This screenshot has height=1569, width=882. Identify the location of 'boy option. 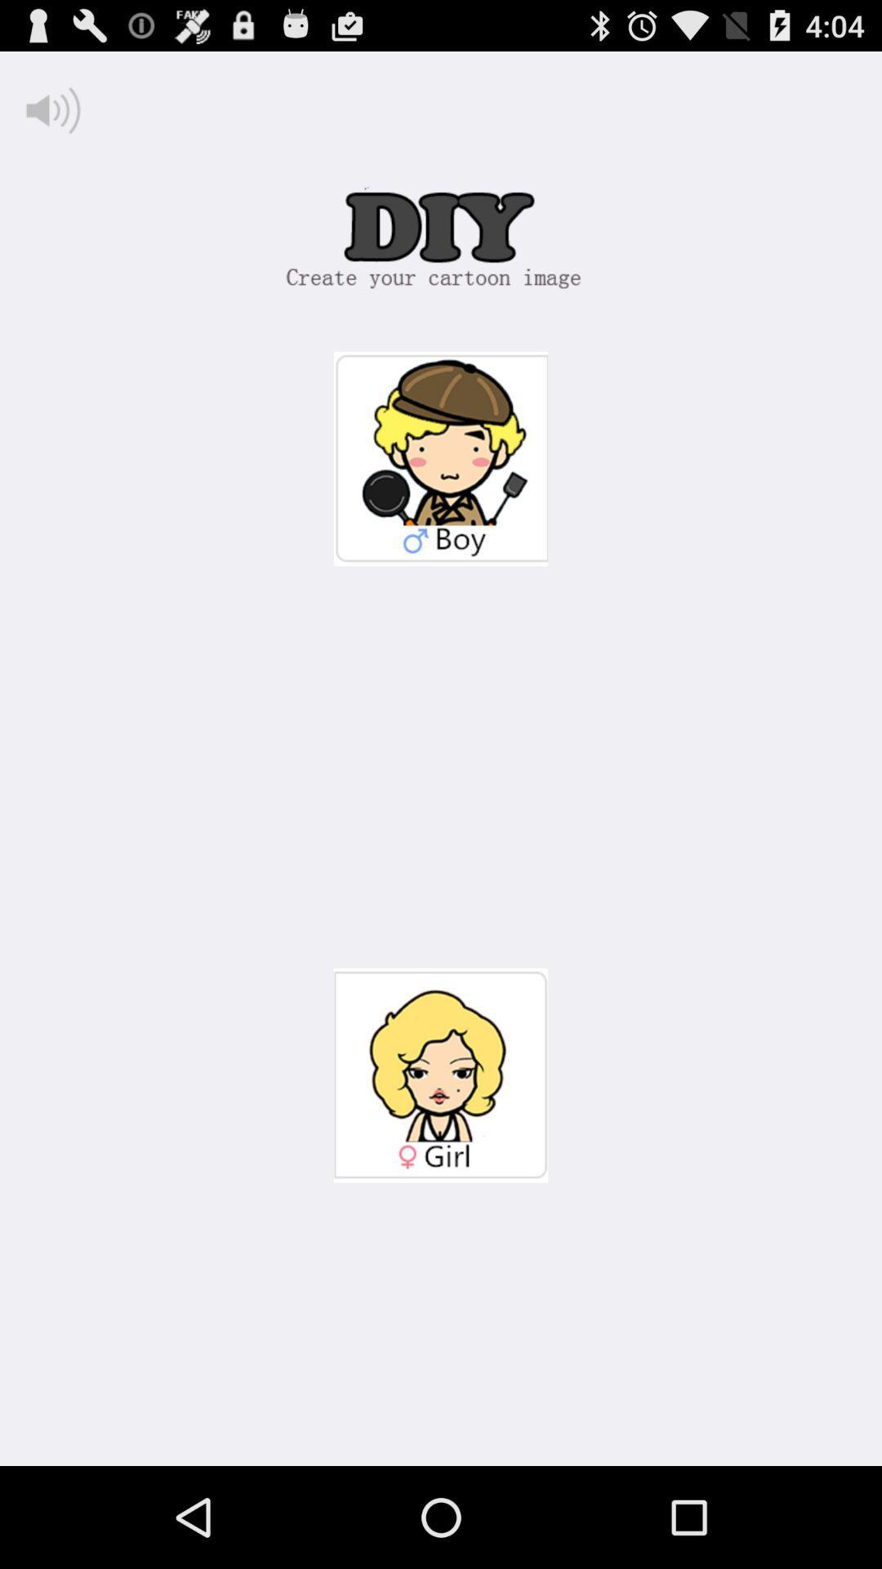
(441, 458).